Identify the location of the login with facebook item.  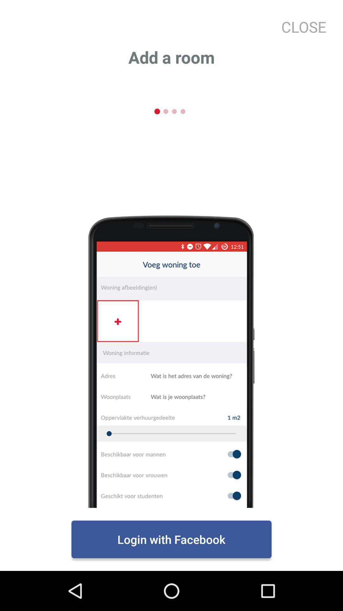
(171, 539).